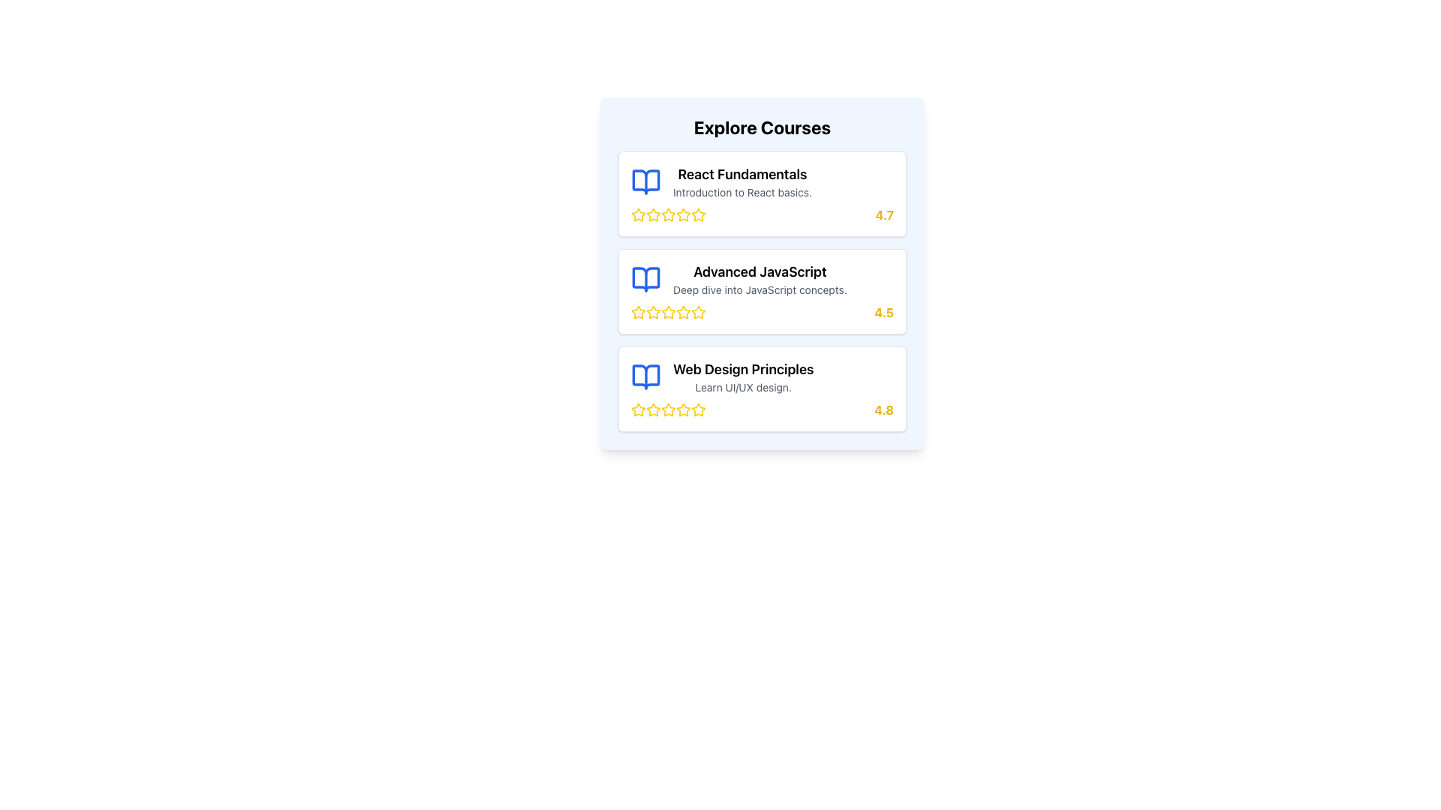 The image size is (1441, 810). I want to click on the text label that provides a brief description for the 'React Fundamentals' course item, located directly beneath the title and to the right of a blue book icon, so click(742, 192).